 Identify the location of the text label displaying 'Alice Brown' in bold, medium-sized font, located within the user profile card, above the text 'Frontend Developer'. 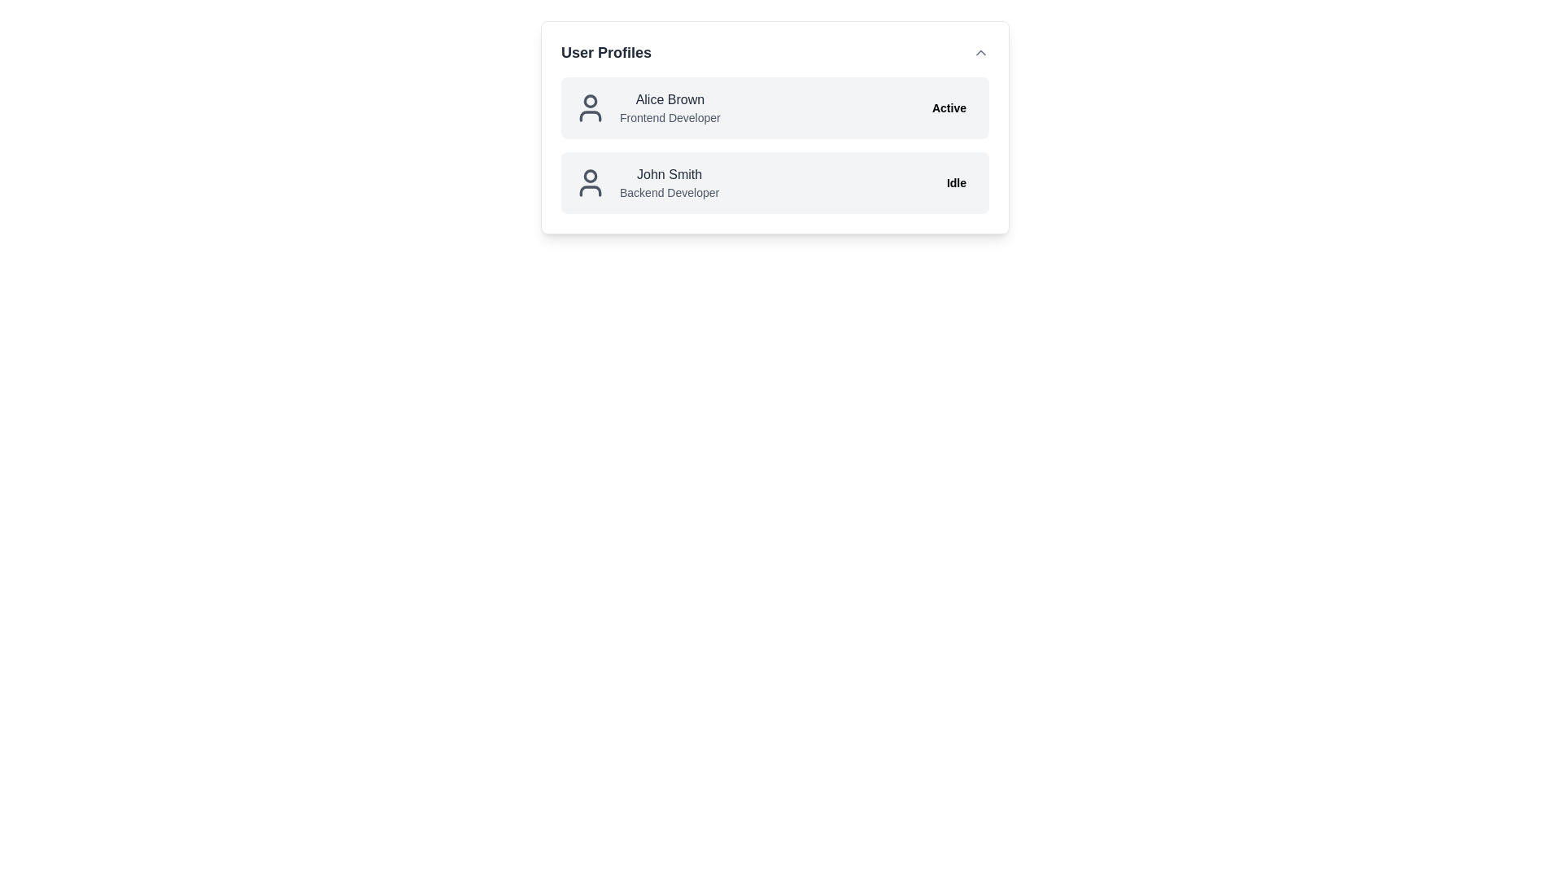
(670, 100).